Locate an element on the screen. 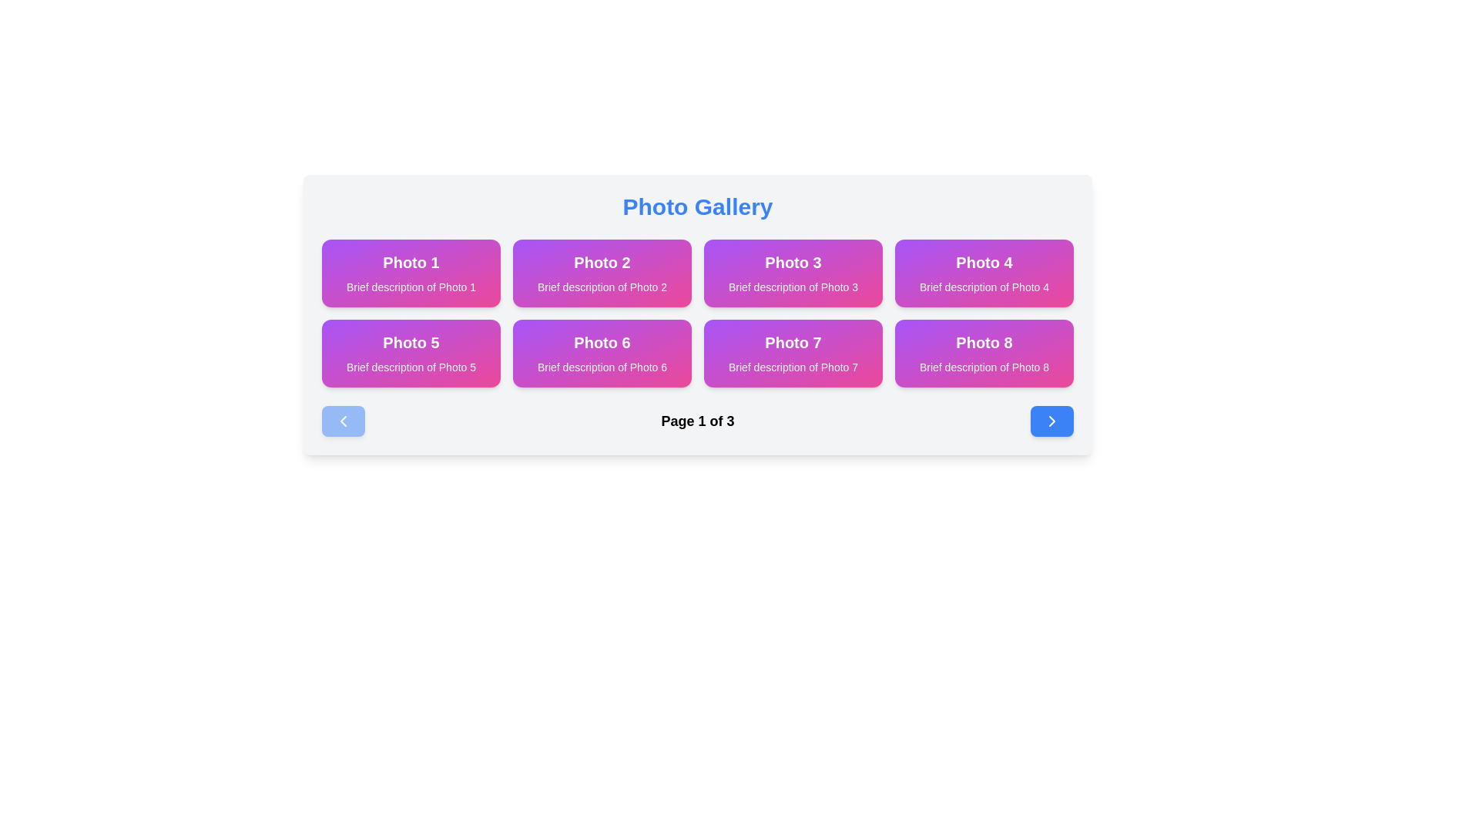 The image size is (1479, 832). text label displaying 'Photo 6' that is centered at the top of the card in the second row, second column of the gallery grid is located at coordinates (602, 341).